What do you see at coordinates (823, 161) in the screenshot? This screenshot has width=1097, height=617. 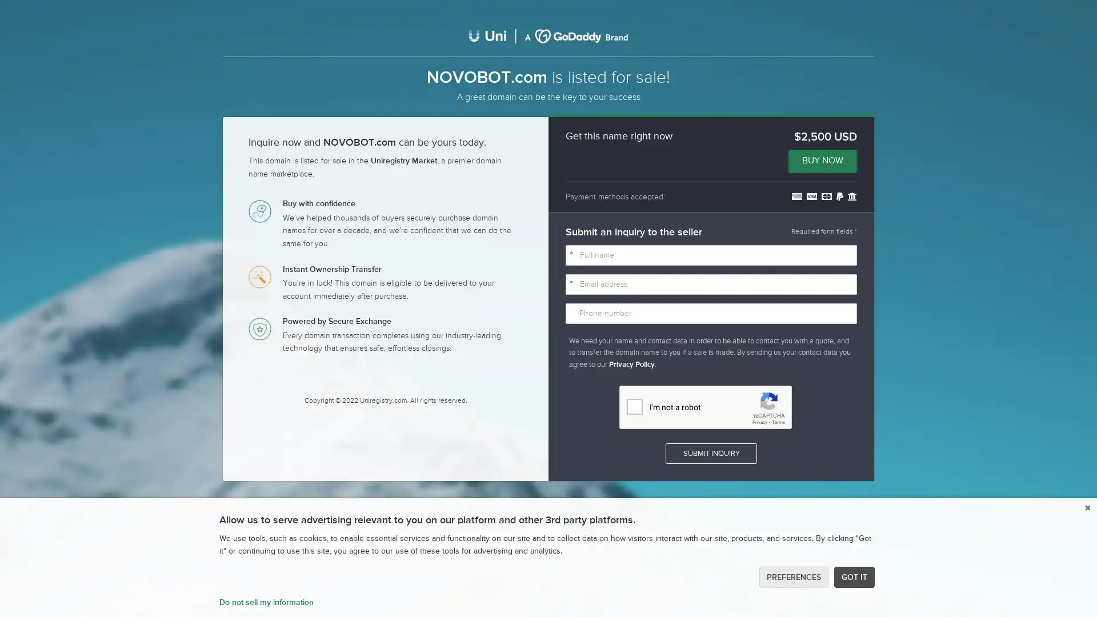 I see `BUY NOW` at bounding box center [823, 161].